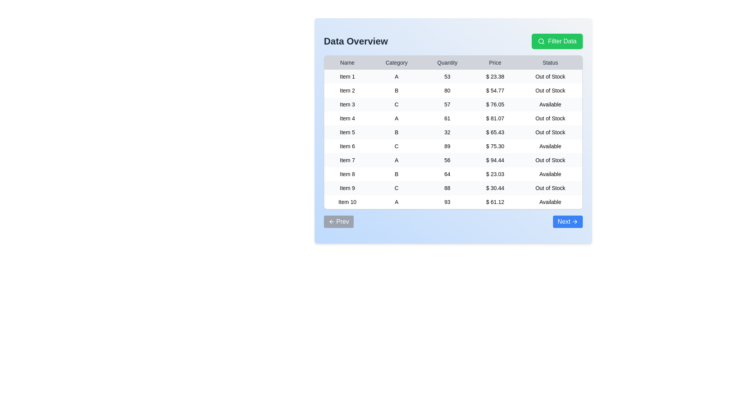 The width and height of the screenshot is (743, 418). What do you see at coordinates (447, 62) in the screenshot?
I see `the table header Quantity to sort the table by that column` at bounding box center [447, 62].